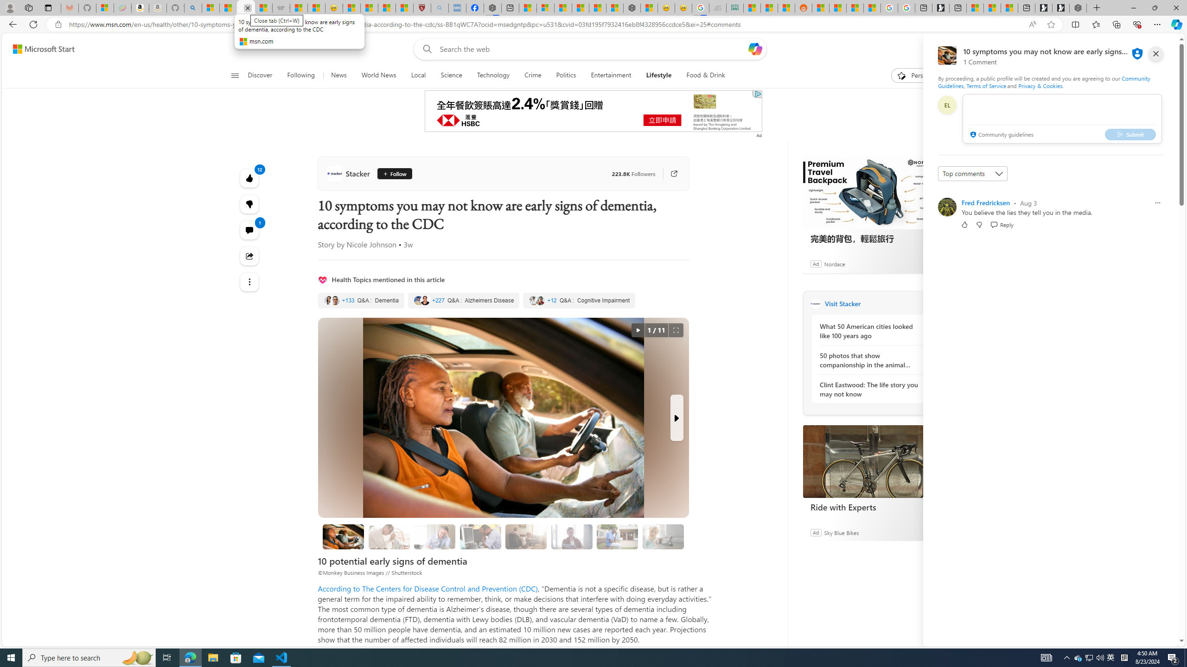  I want to click on 'Alzheimers Disease', so click(463, 300).